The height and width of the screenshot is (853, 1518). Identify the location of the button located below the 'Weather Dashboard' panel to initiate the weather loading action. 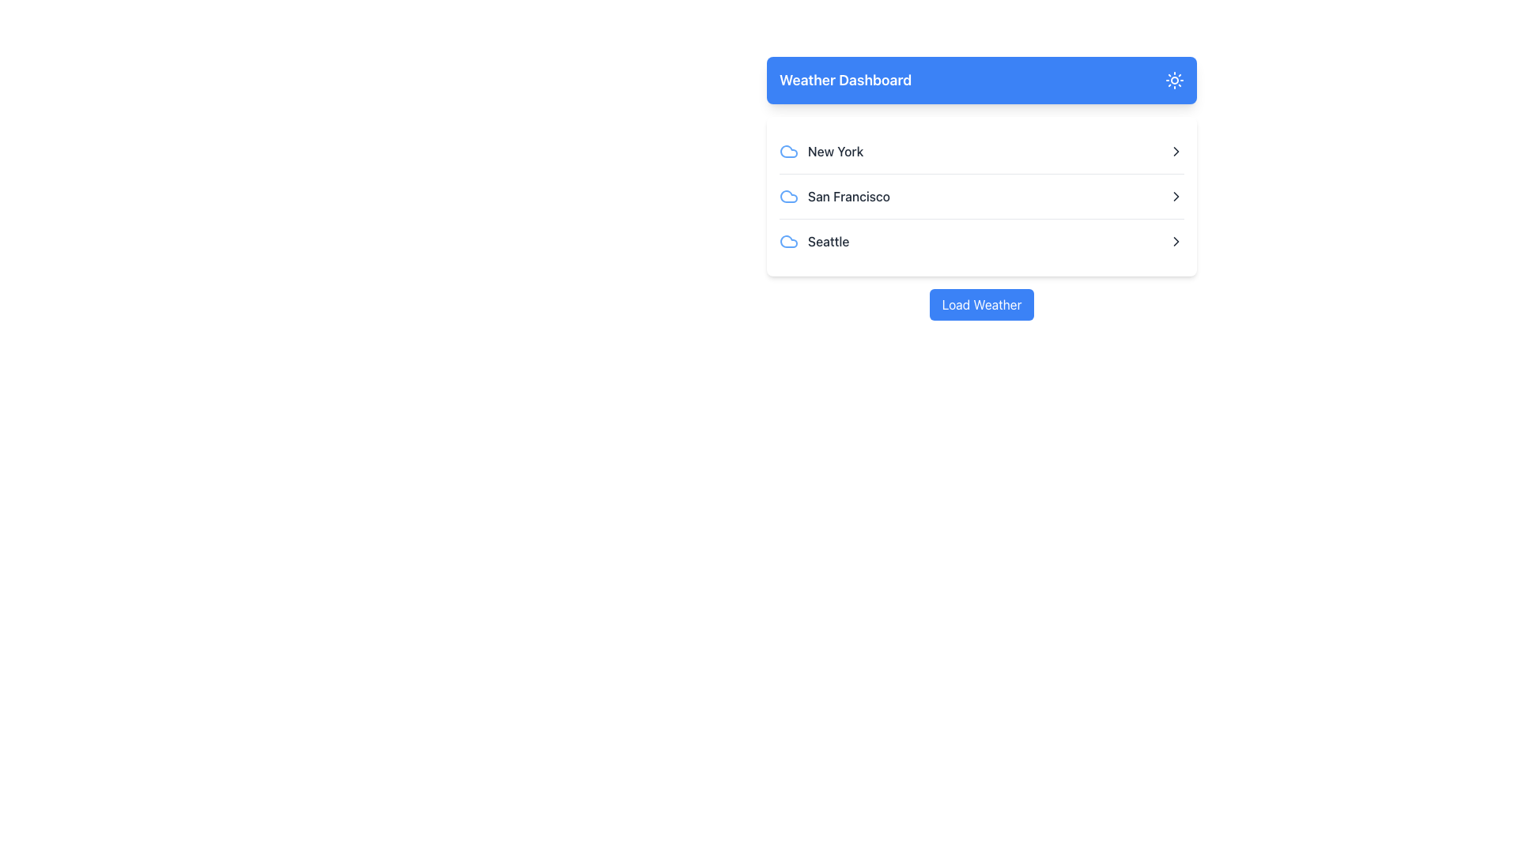
(981, 304).